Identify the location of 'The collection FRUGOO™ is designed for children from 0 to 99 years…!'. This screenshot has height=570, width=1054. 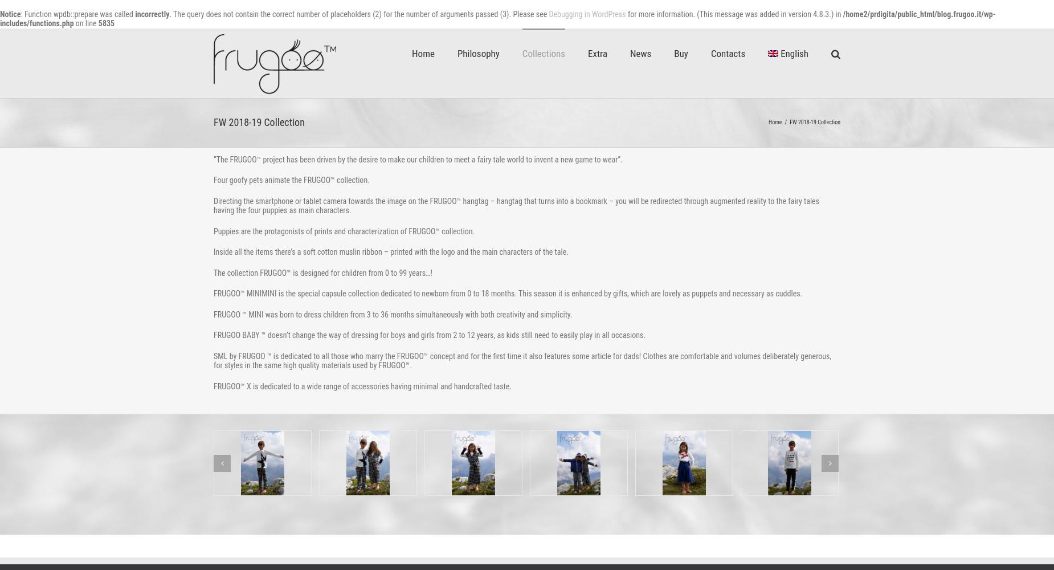
(213, 272).